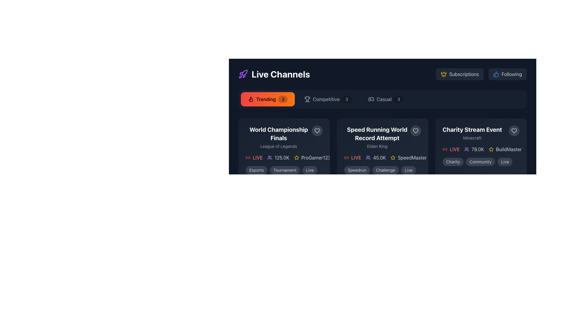 The width and height of the screenshot is (573, 322). I want to click on the Information row displaying live video details, which includes the text 'LIVE', a purple user icon, '125.0K', a yellow star icon, and 'ProGamer123', so click(284, 157).